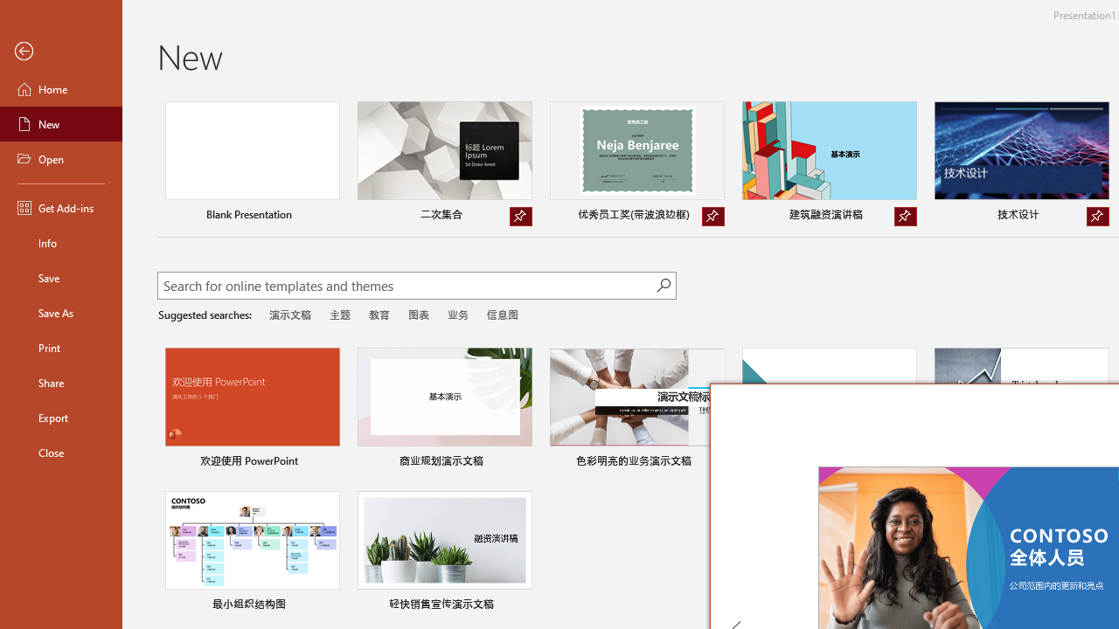  What do you see at coordinates (251, 163) in the screenshot?
I see `'Blank Presentation'` at bounding box center [251, 163].